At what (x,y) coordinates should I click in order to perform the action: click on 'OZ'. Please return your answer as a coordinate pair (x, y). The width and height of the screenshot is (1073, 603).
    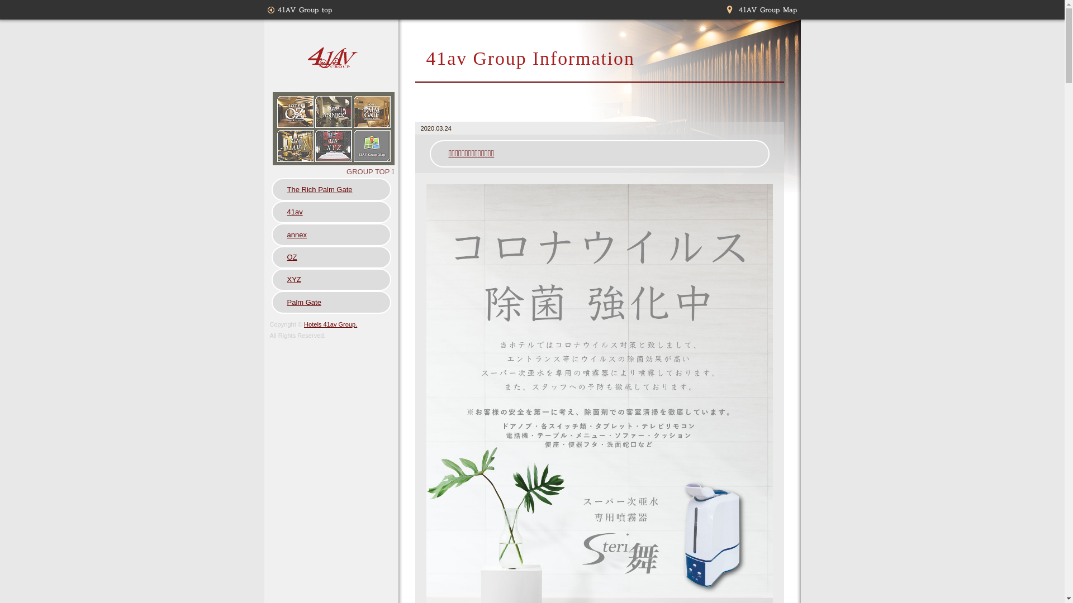
    Looking at the image, I should click on (331, 257).